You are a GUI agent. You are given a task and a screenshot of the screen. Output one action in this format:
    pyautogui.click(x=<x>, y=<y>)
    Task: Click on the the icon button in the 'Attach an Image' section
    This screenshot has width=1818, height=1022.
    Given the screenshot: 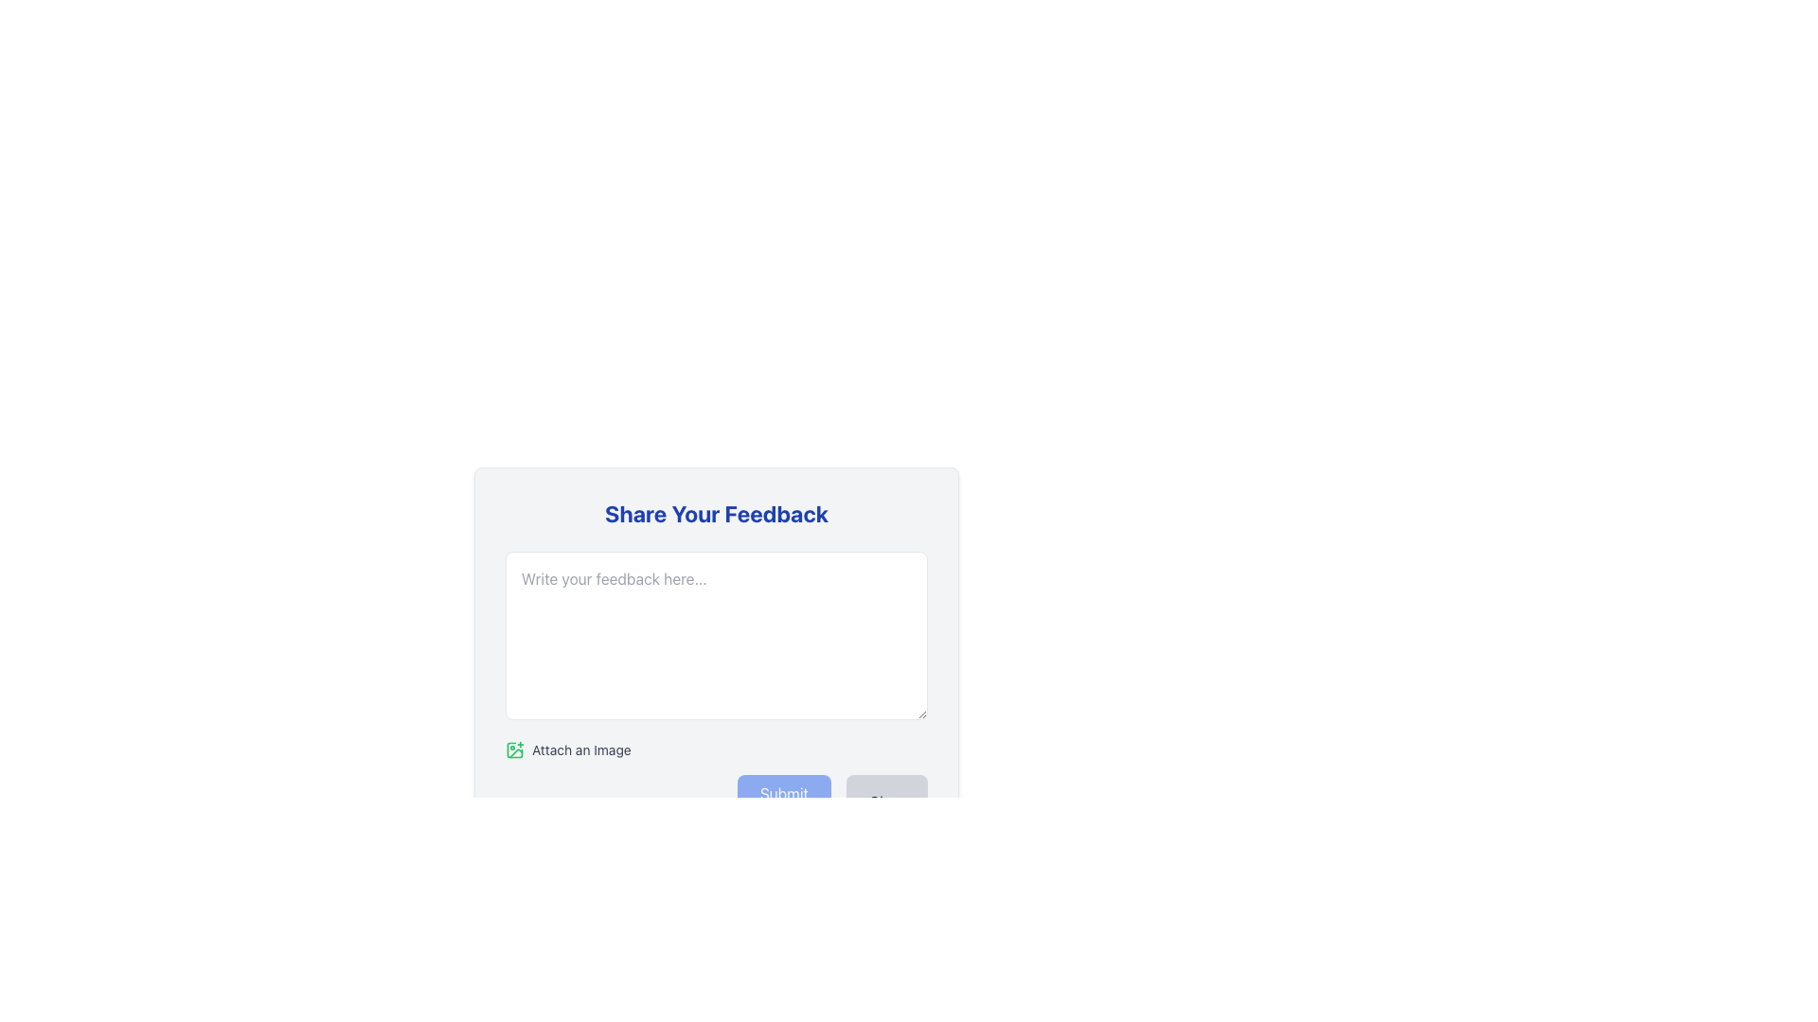 What is the action you would take?
    pyautogui.click(x=514, y=749)
    